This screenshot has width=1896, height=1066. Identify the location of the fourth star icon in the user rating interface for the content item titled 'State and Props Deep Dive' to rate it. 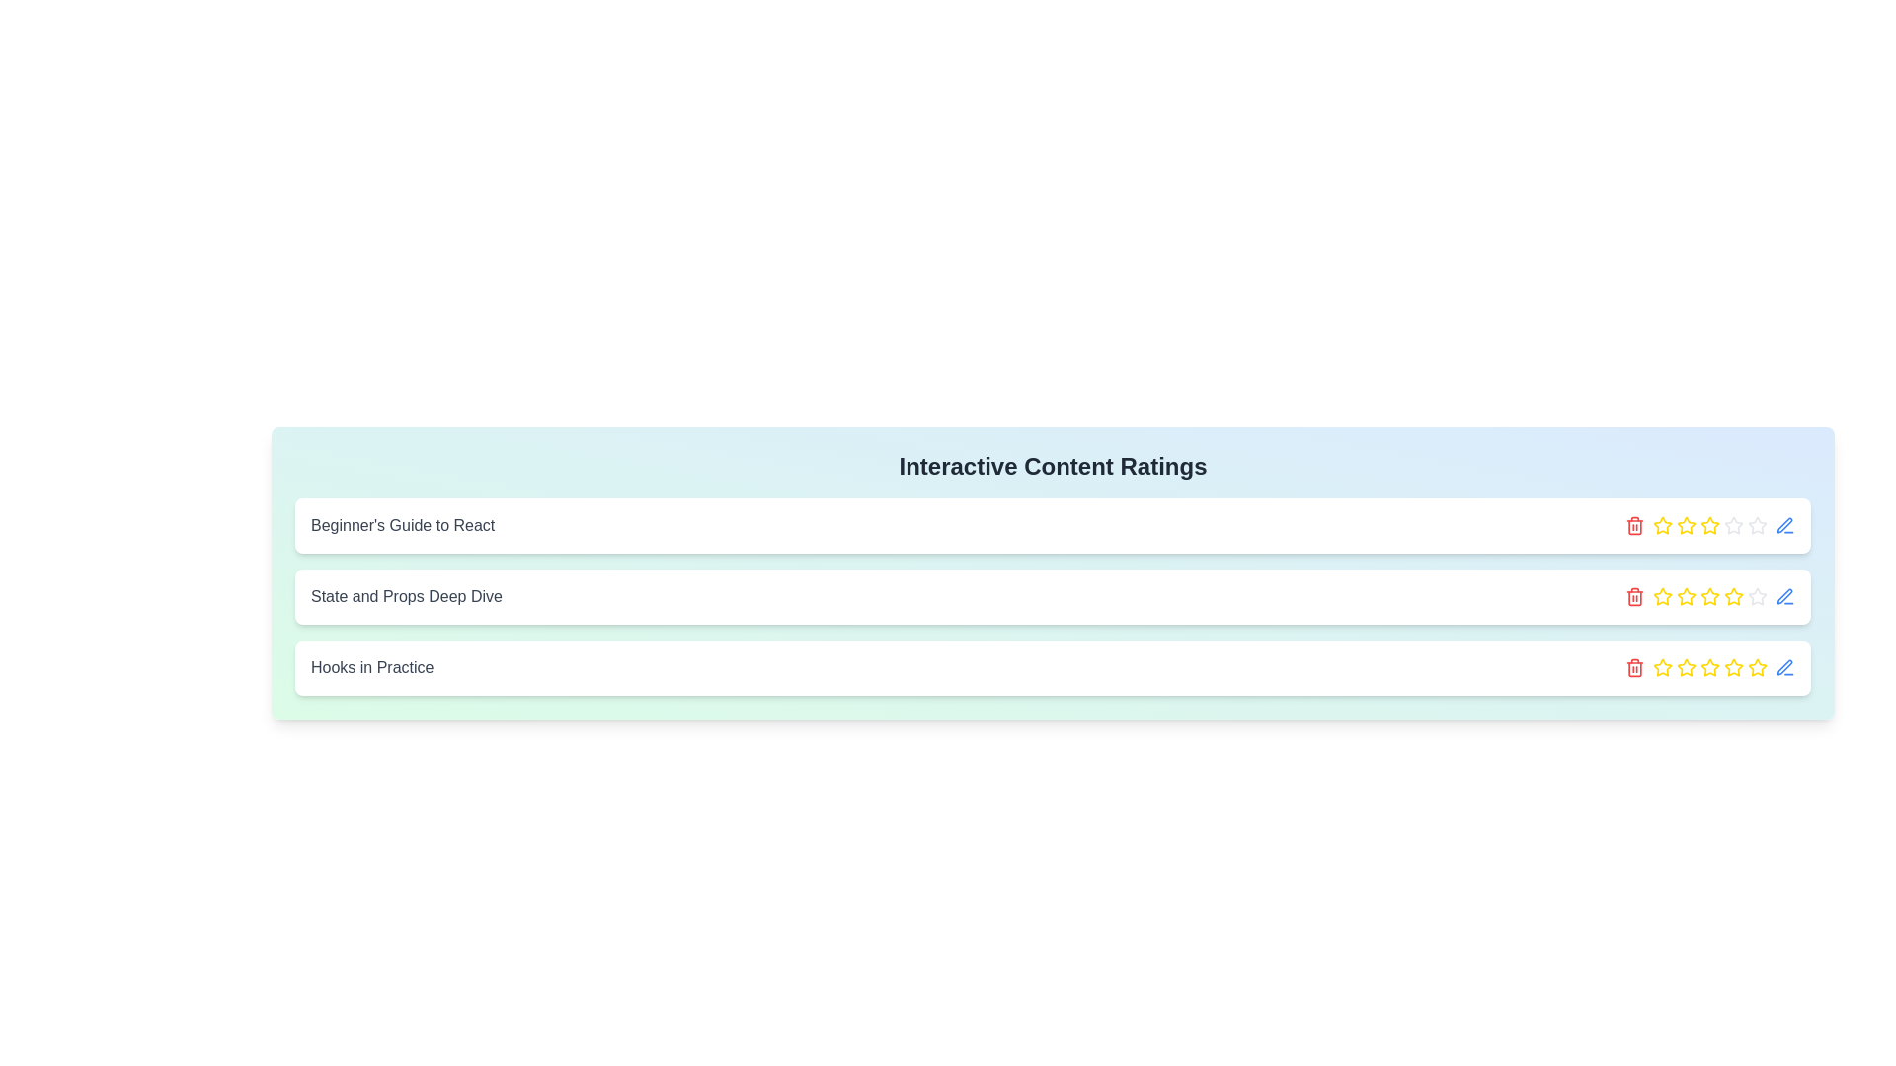
(1732, 595).